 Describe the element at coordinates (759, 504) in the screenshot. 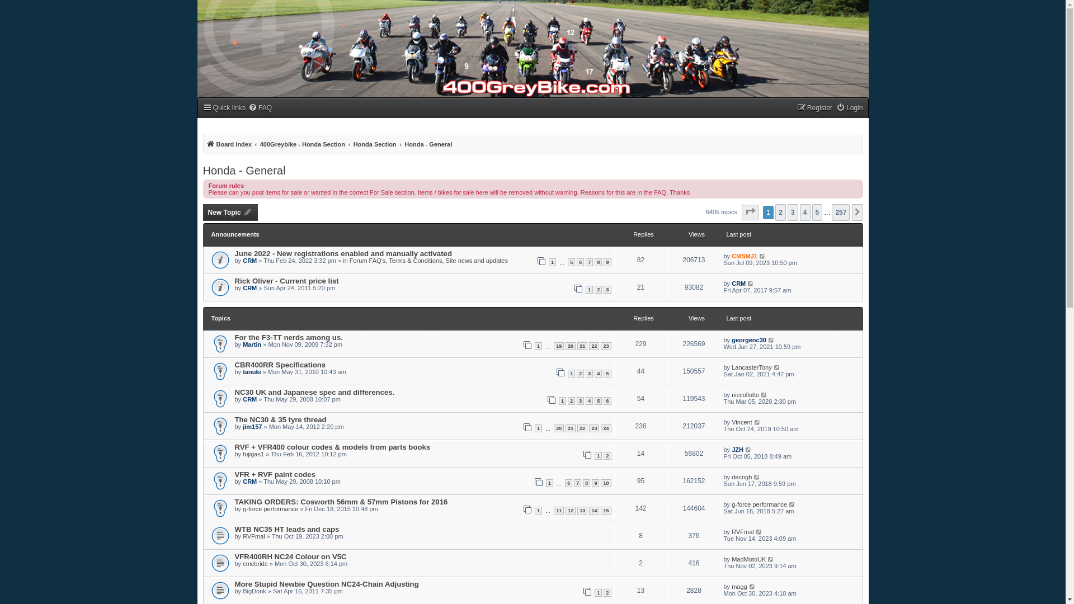

I see `'g-force performance'` at that location.